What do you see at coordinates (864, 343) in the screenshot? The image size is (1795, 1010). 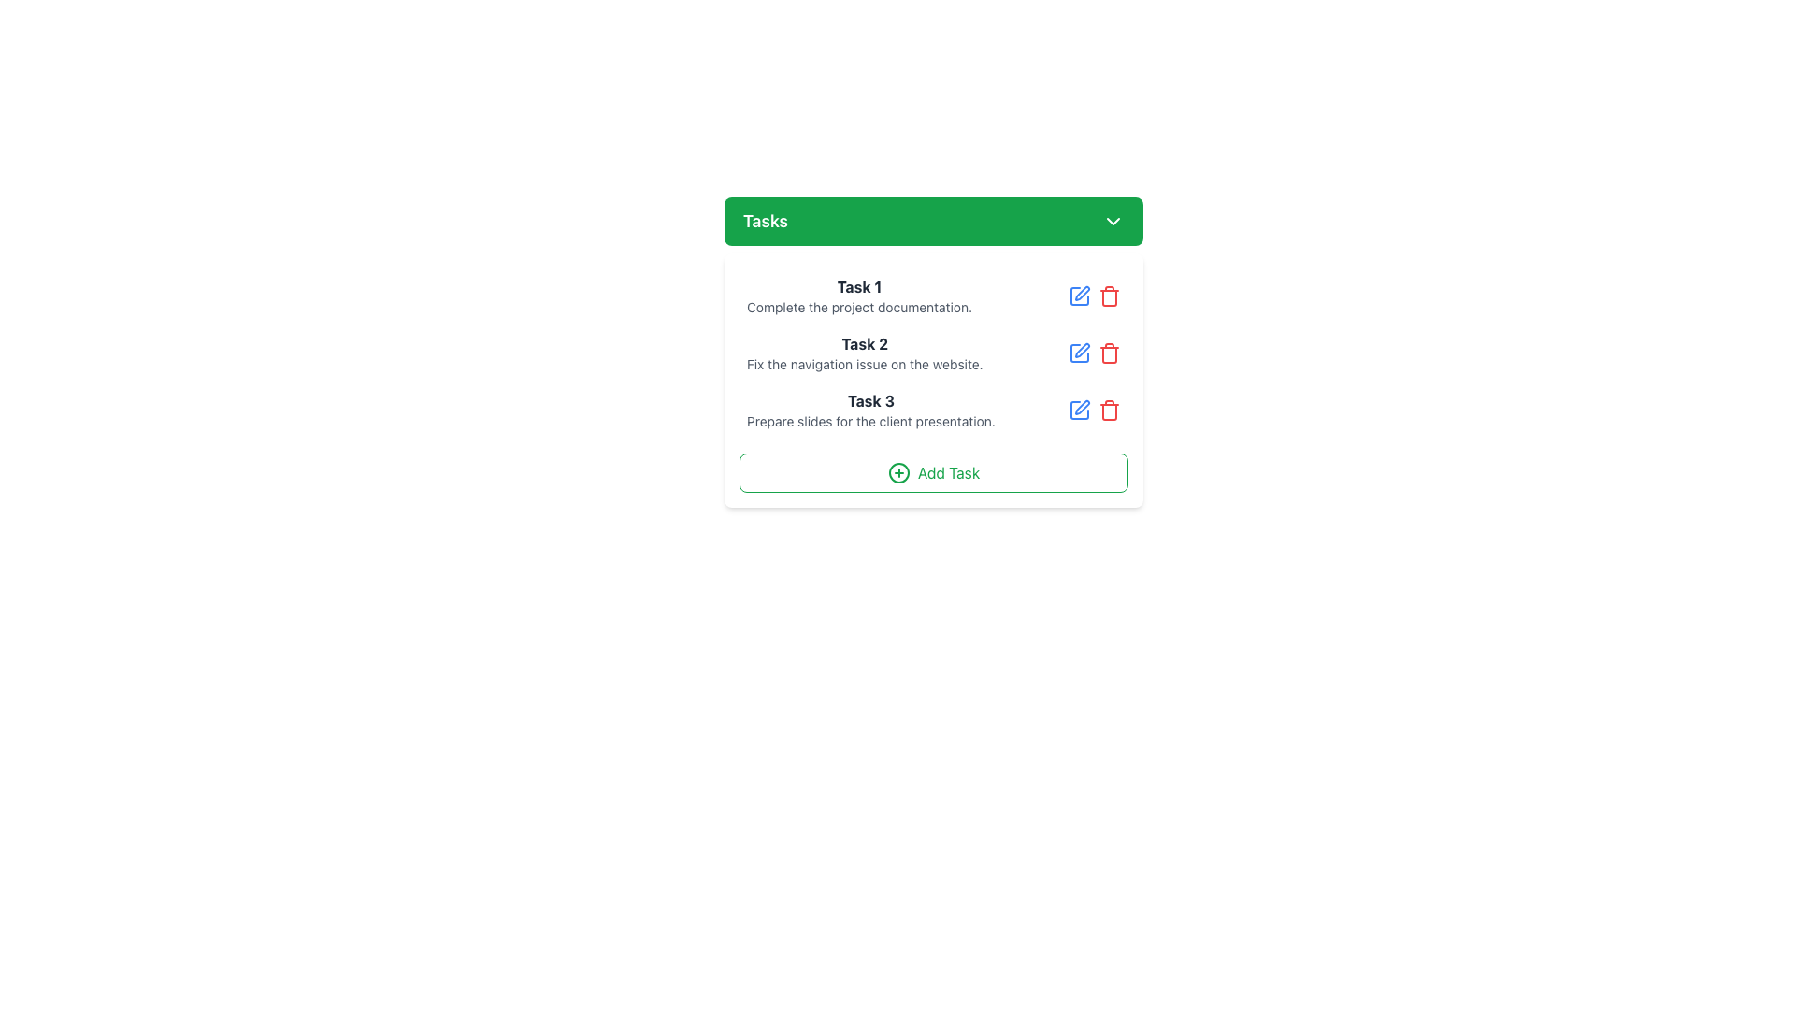 I see `the bold text label displaying 'Task 2', which is located in the center of the task list, positioned directly beneath 'Task 1' and above 'Task 3'` at bounding box center [864, 343].